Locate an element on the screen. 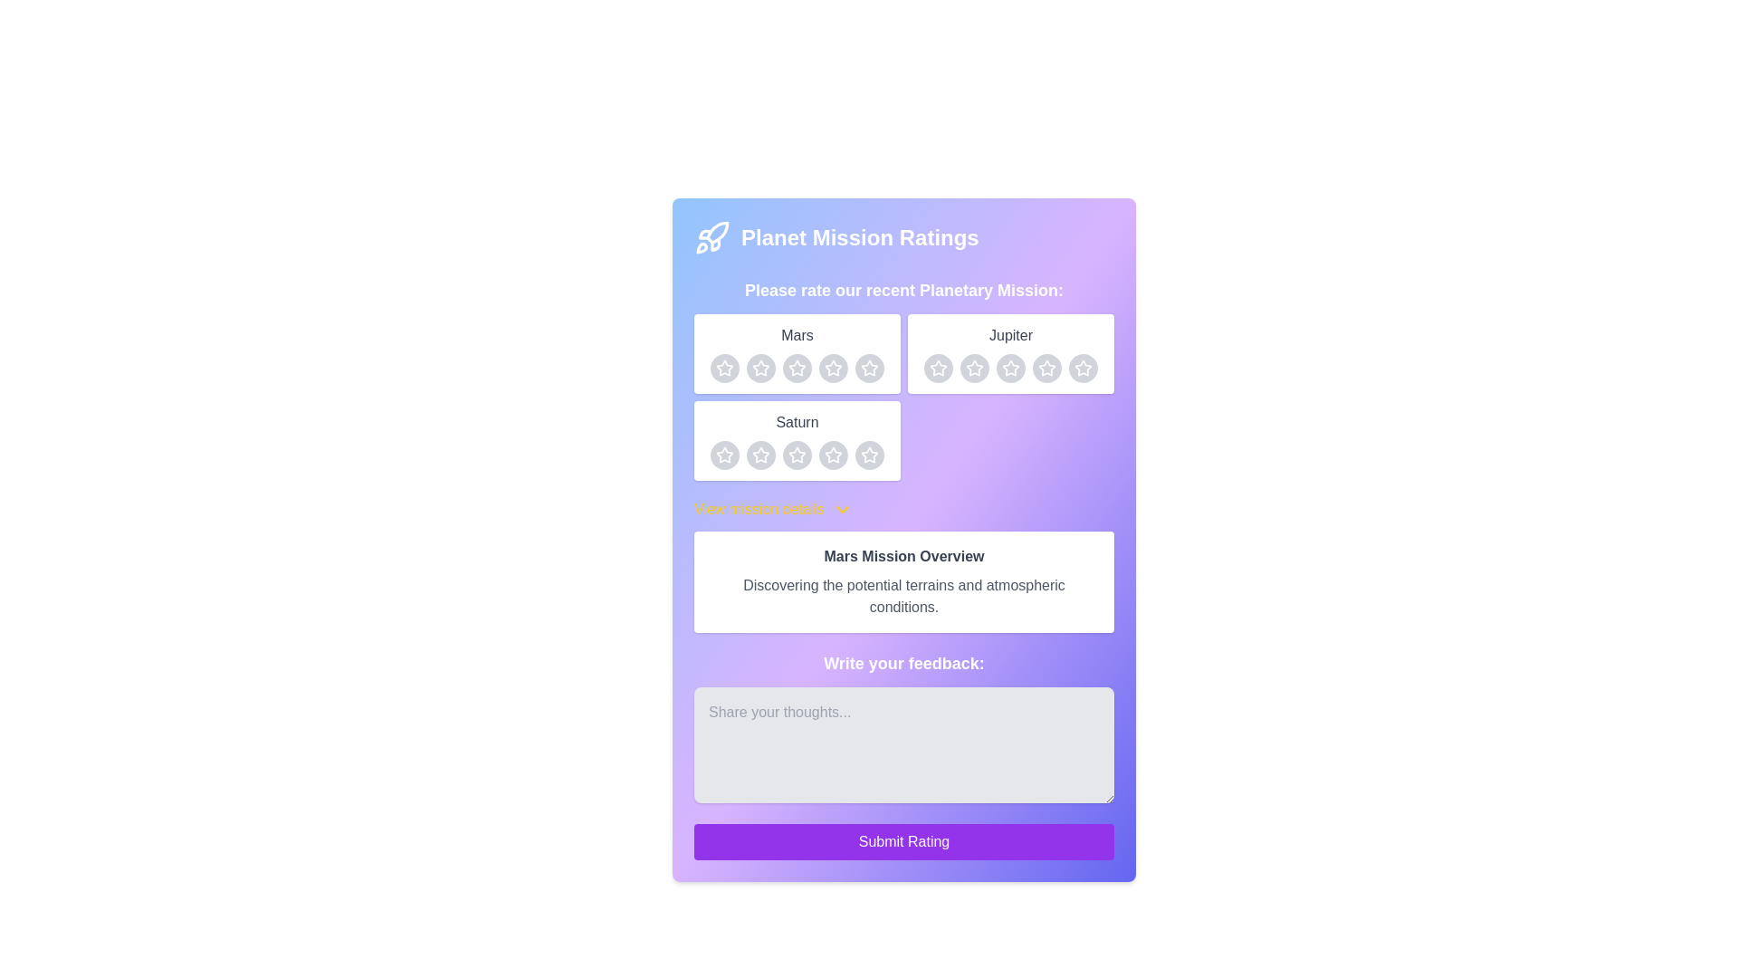 The width and height of the screenshot is (1738, 978). the decorative icon representing space missions located at the top left of the card header beside the title 'Planet Mission Ratings' is located at coordinates (711, 236).